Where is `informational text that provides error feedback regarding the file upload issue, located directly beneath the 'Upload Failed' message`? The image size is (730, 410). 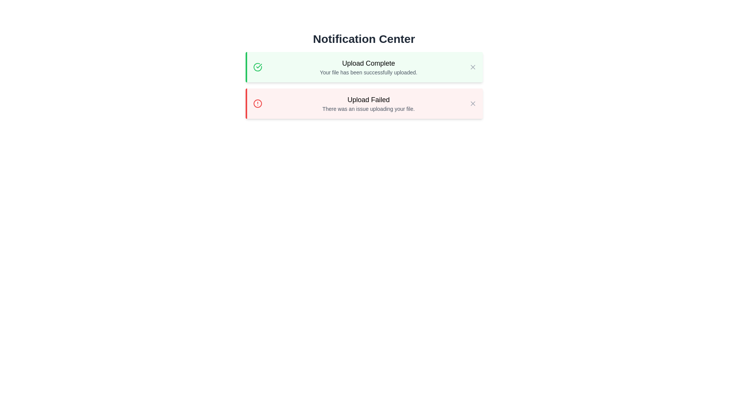 informational text that provides error feedback regarding the file upload issue, located directly beneath the 'Upload Failed' message is located at coordinates (368, 109).